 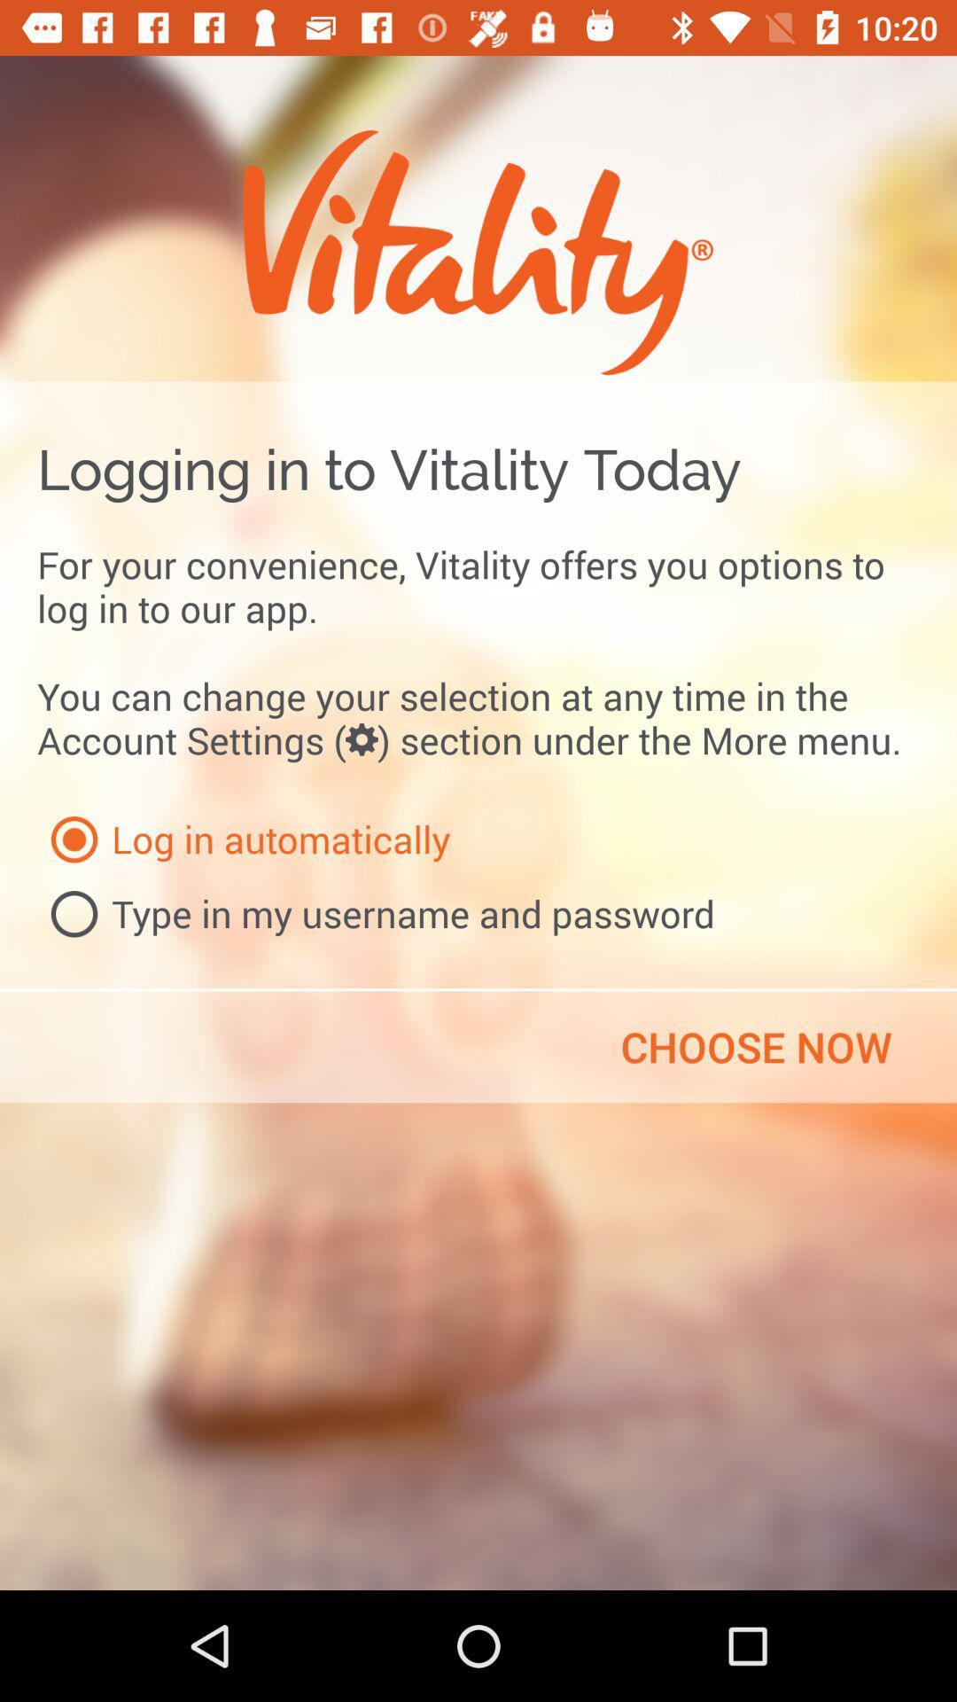 I want to click on type in my item, so click(x=375, y=914).